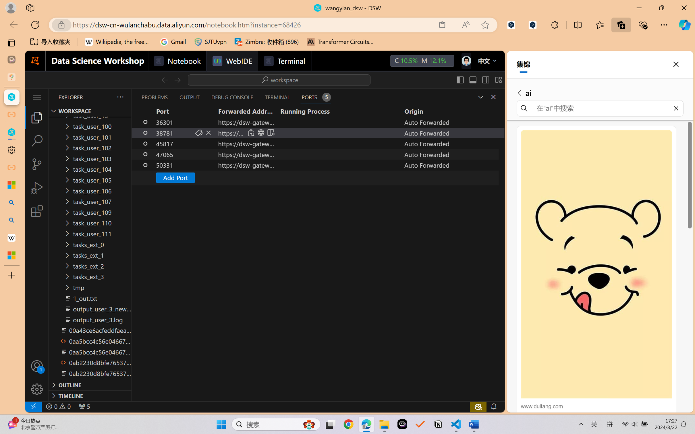 The image size is (695, 434). Describe the element at coordinates (232, 97) in the screenshot. I see `'Debug Console (Ctrl+Shift+Y)'` at that location.